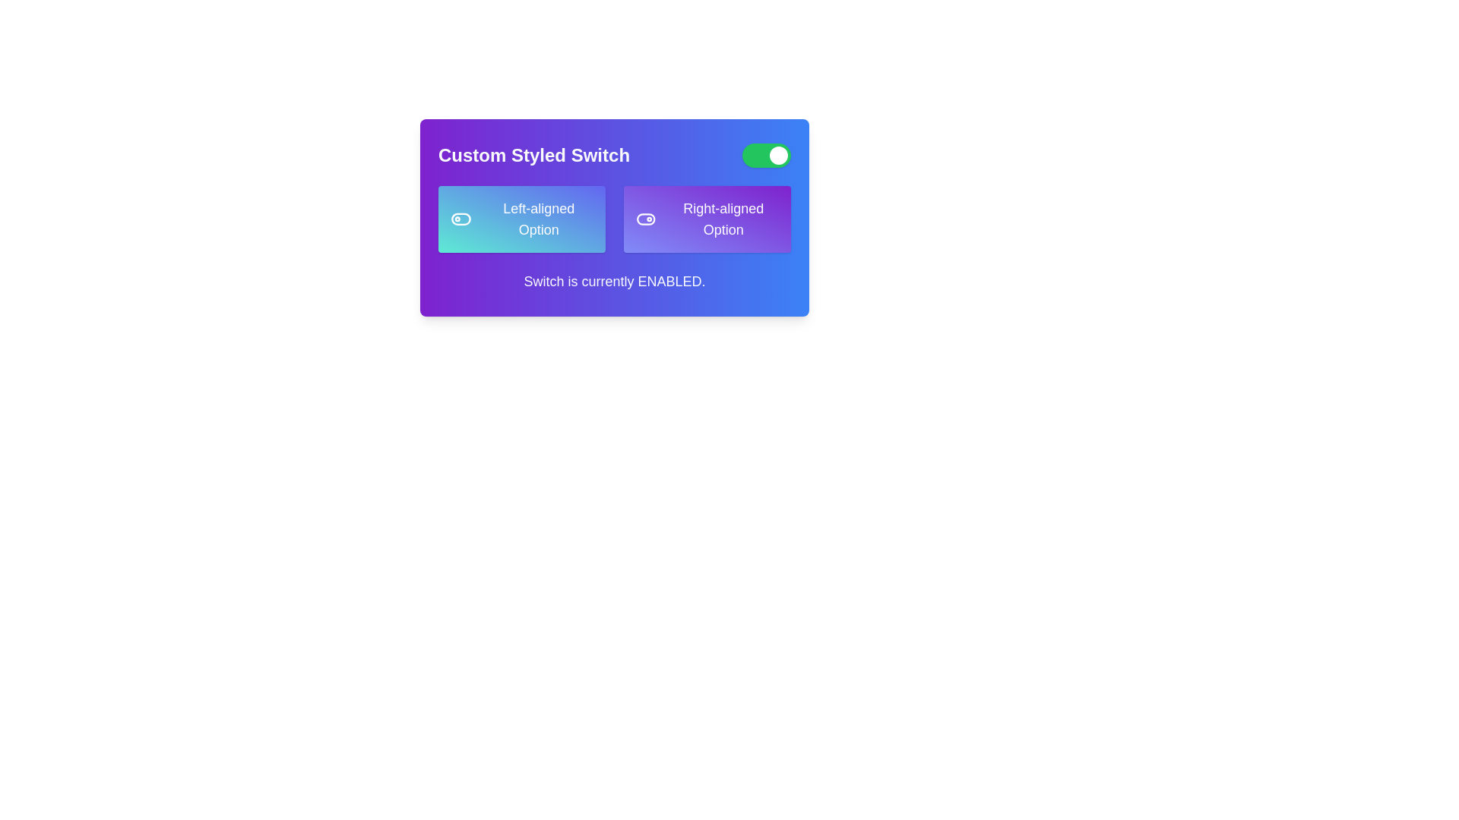 The height and width of the screenshot is (820, 1459). Describe the element at coordinates (707, 219) in the screenshot. I see `the styled button or card component positioned in the right half of the layout` at that location.